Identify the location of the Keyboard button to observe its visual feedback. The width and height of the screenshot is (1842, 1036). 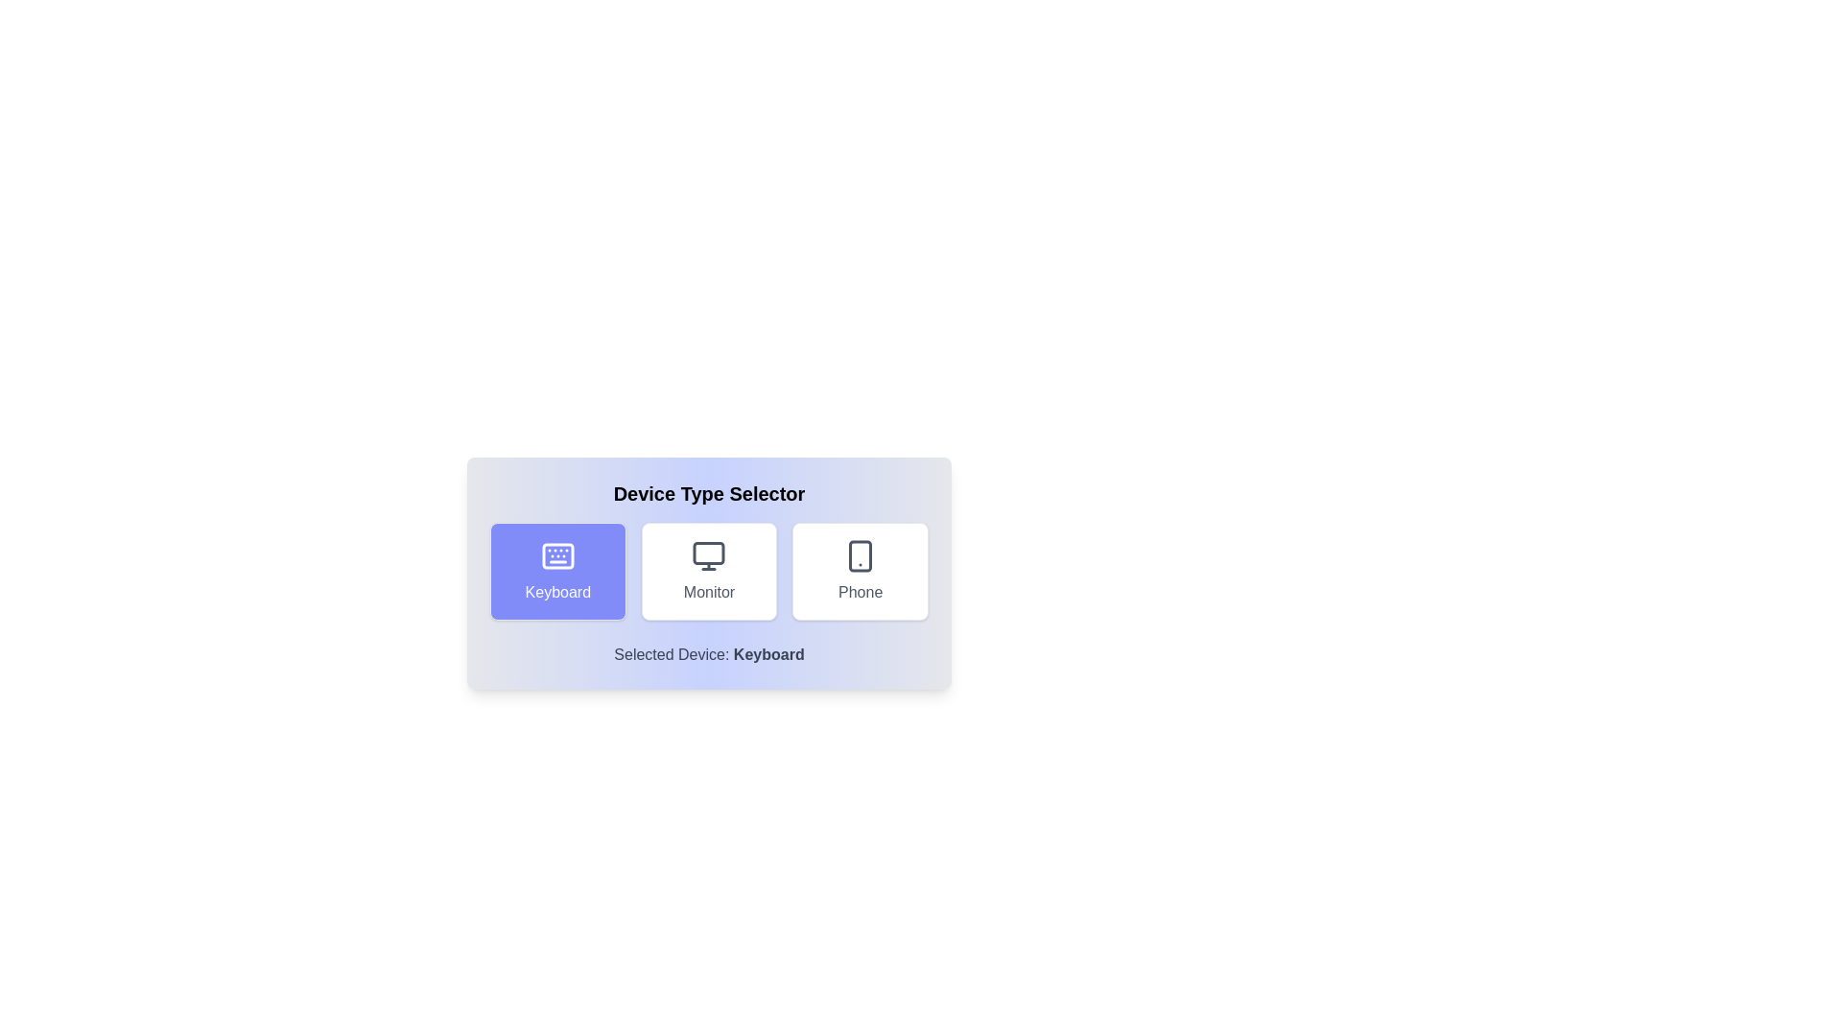
(555, 571).